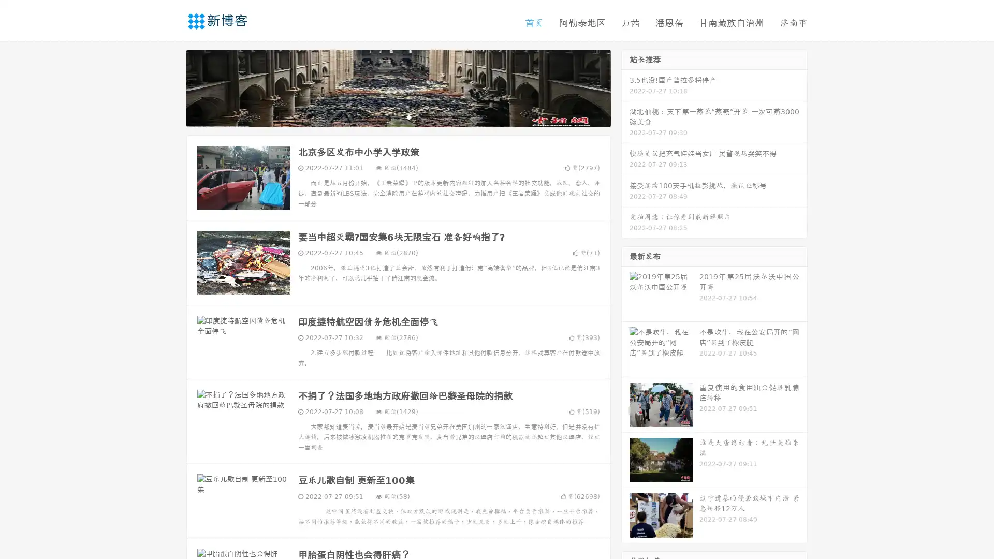  What do you see at coordinates (387, 116) in the screenshot?
I see `Go to slide 1` at bounding box center [387, 116].